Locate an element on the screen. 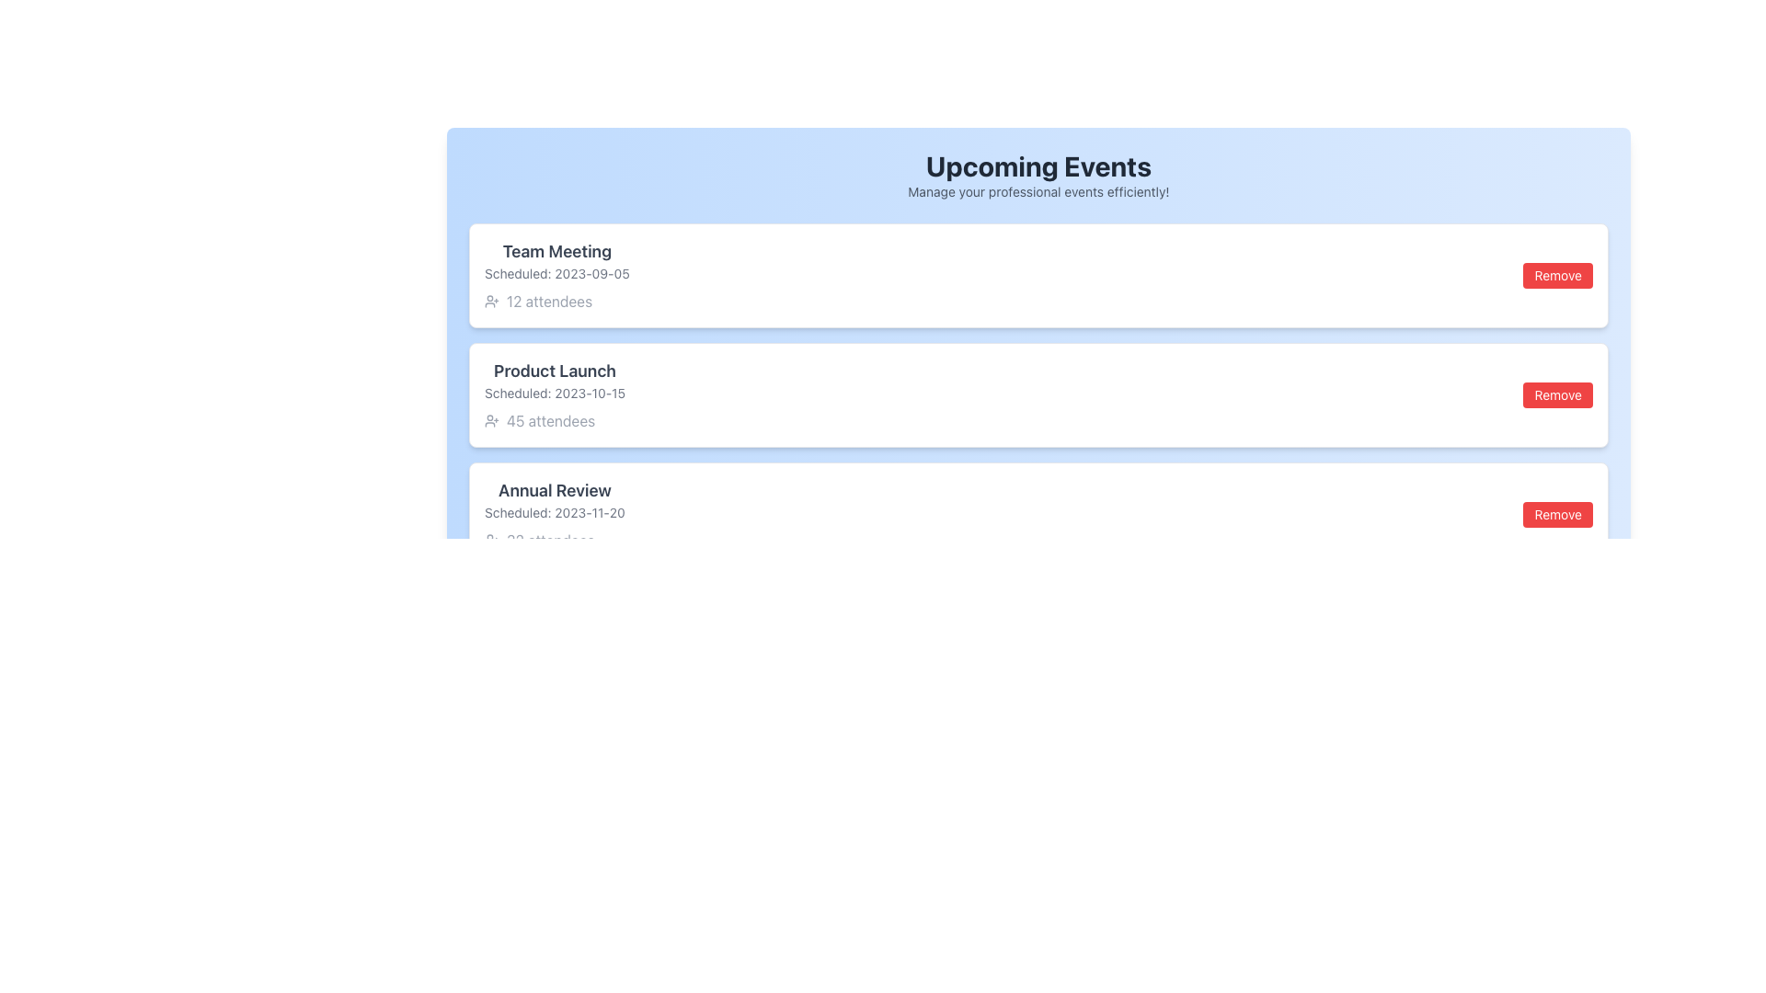 Image resolution: width=1766 pixels, height=993 pixels. the Text Label displaying the number of attendees for the 'Annual Review' event located at the bottom of the displayed list is located at coordinates (549, 539).